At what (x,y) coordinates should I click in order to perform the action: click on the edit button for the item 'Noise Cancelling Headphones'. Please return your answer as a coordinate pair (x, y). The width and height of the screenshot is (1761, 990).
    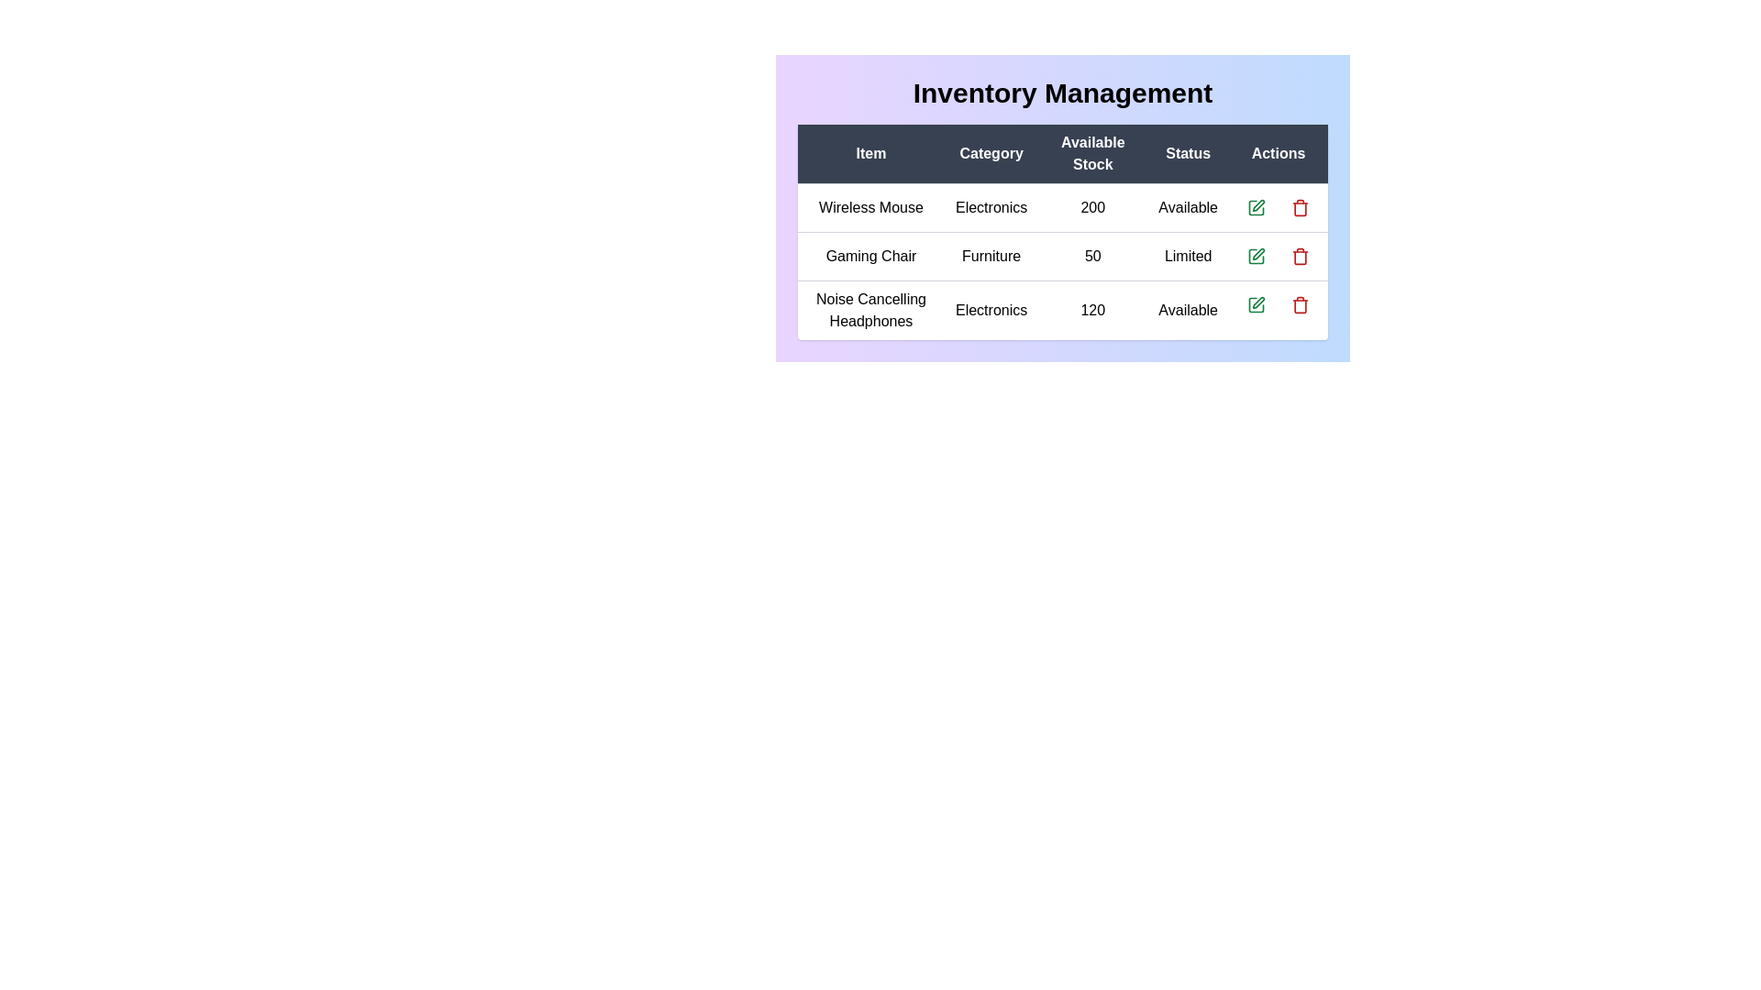
    Looking at the image, I should click on (1255, 303).